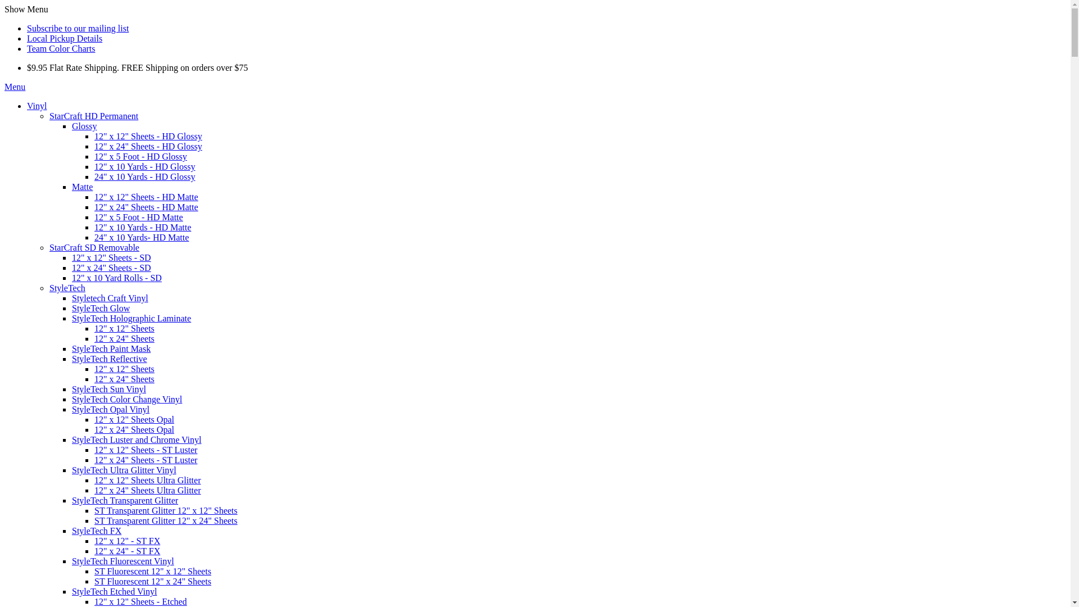 This screenshot has height=607, width=1079. What do you see at coordinates (111, 348) in the screenshot?
I see `'StyleTech Paint Mask'` at bounding box center [111, 348].